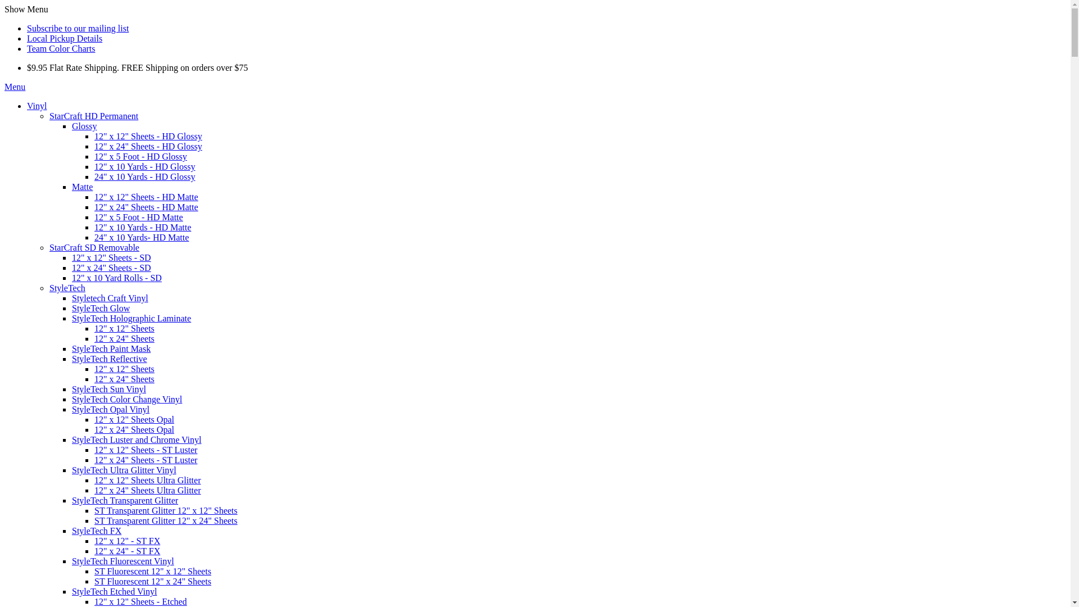 This screenshot has height=607, width=1079. What do you see at coordinates (111, 348) in the screenshot?
I see `'StyleTech Paint Mask'` at bounding box center [111, 348].